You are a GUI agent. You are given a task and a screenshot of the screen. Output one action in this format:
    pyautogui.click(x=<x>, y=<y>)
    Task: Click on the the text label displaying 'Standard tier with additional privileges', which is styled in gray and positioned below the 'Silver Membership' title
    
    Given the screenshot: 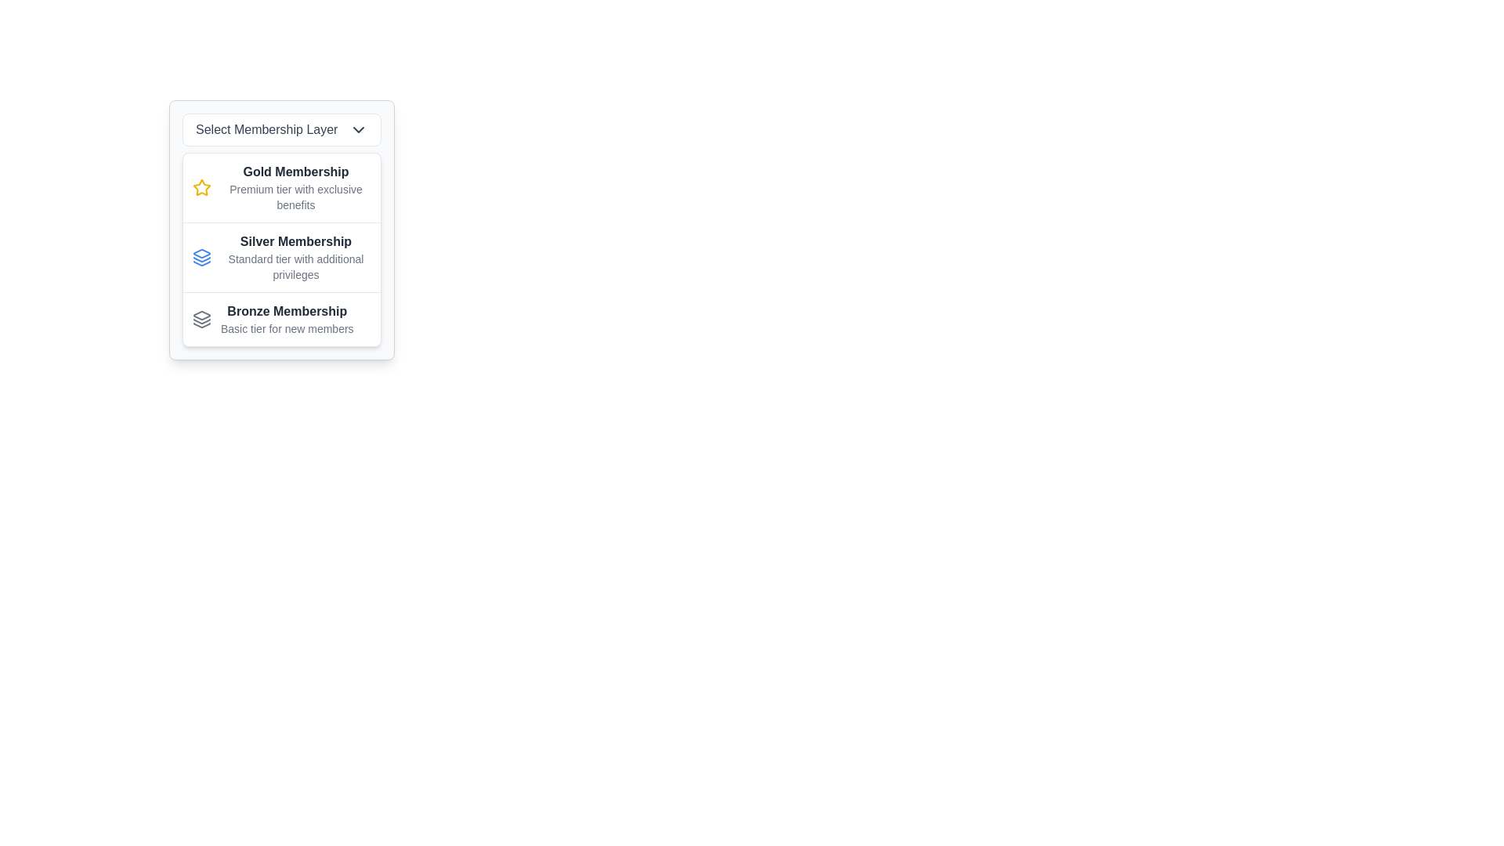 What is the action you would take?
    pyautogui.click(x=296, y=266)
    